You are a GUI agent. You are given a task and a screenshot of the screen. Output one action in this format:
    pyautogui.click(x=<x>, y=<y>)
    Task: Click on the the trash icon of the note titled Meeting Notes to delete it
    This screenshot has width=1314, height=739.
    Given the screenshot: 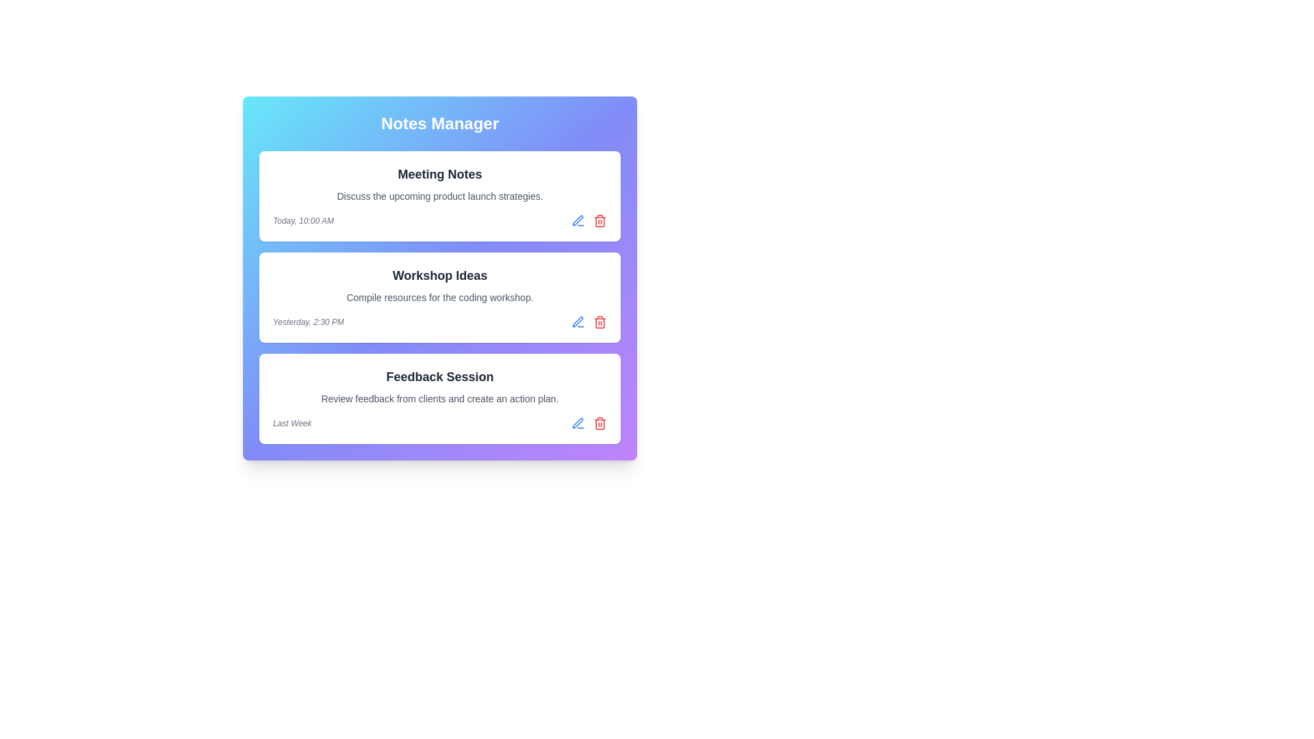 What is the action you would take?
    pyautogui.click(x=600, y=220)
    